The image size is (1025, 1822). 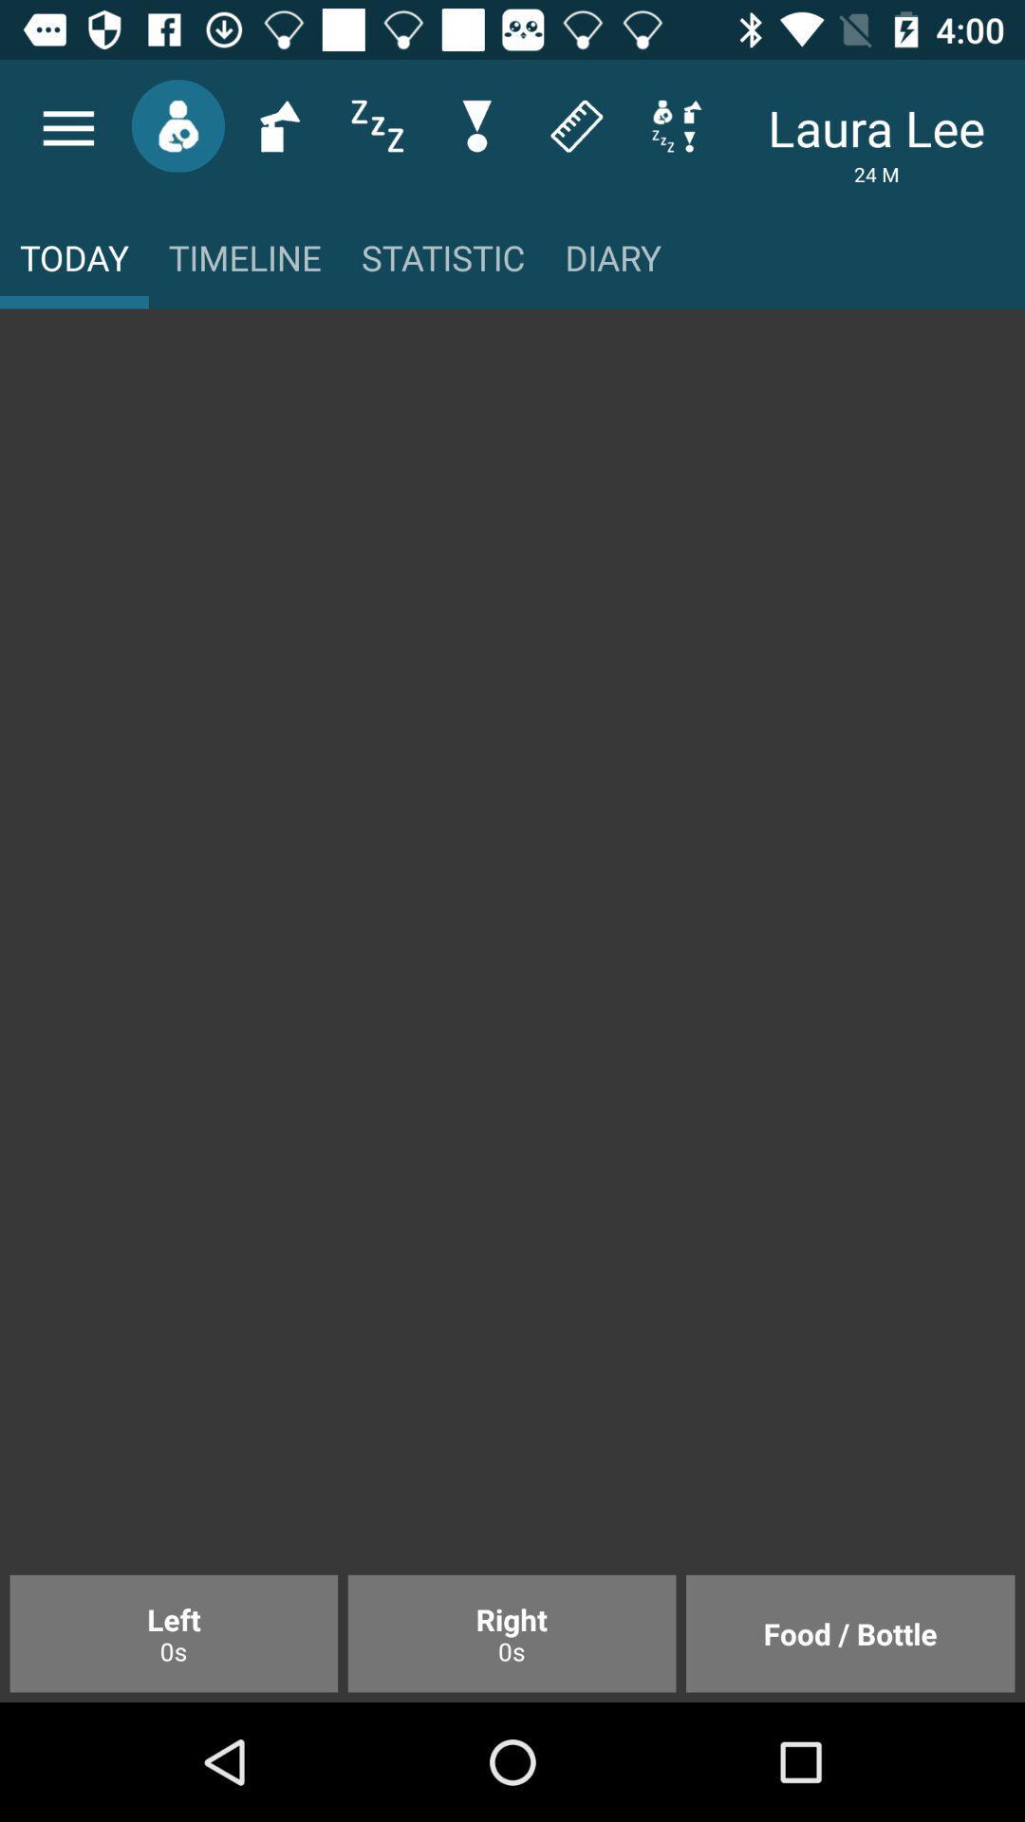 What do you see at coordinates (377, 124) in the screenshot?
I see `the sliders icon` at bounding box center [377, 124].